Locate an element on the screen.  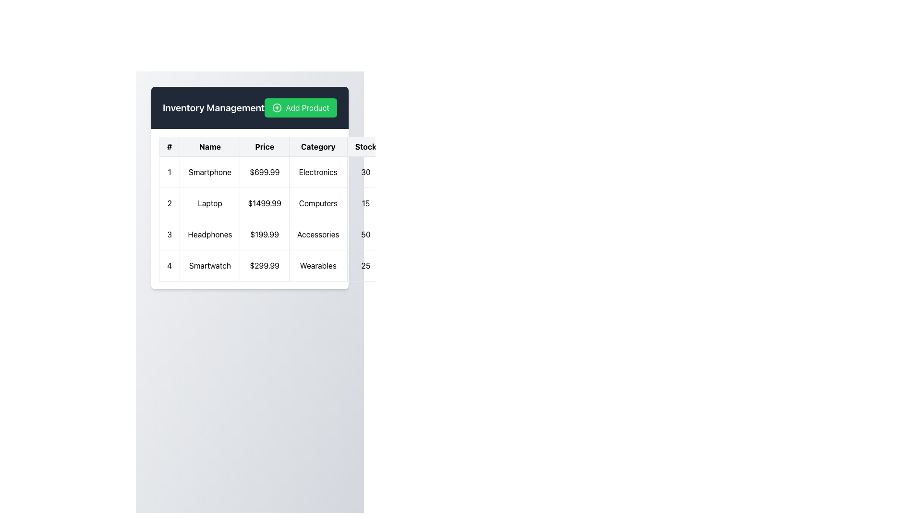
the 'Computers' text label located in the 'Category' column of the second row in the table, which is styled in a sans-serif font is located at coordinates (318, 203).